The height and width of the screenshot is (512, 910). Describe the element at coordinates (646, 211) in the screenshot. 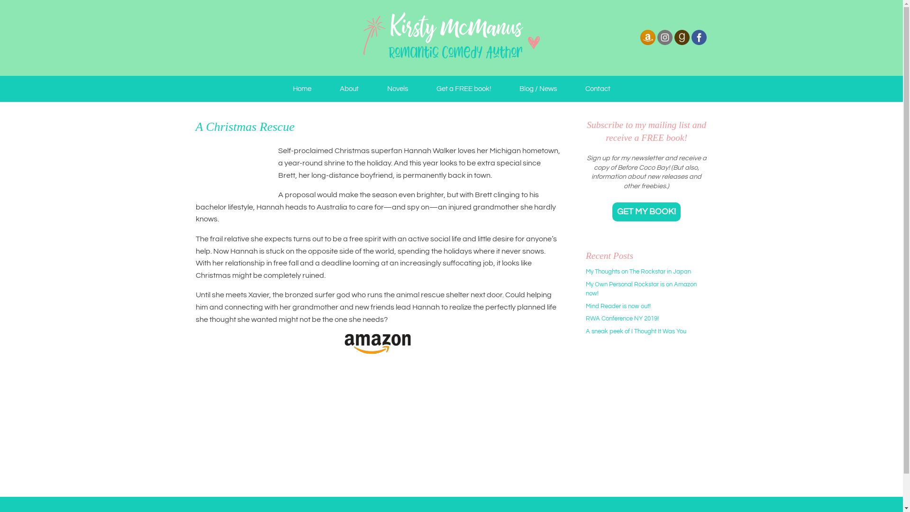

I see `'GET MY BOOK!'` at that location.